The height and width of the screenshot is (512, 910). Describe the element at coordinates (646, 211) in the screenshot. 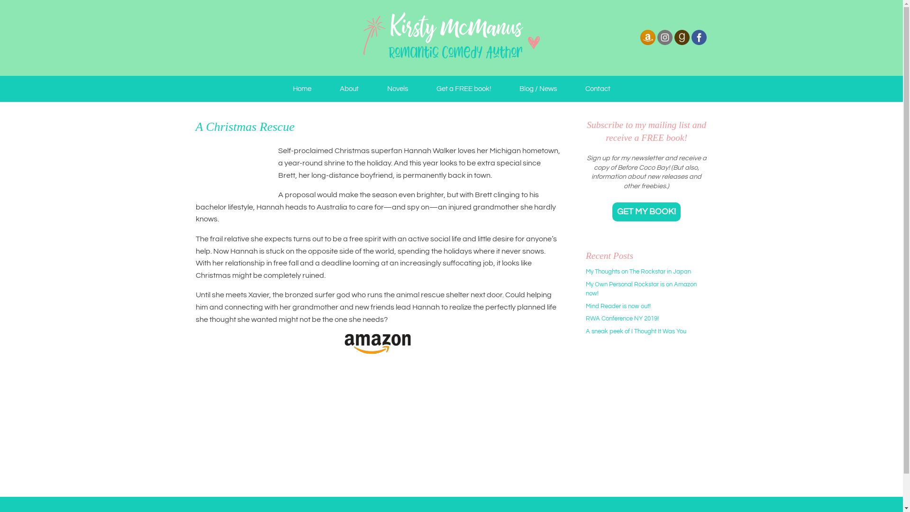

I see `'GET MY BOOK!'` at that location.